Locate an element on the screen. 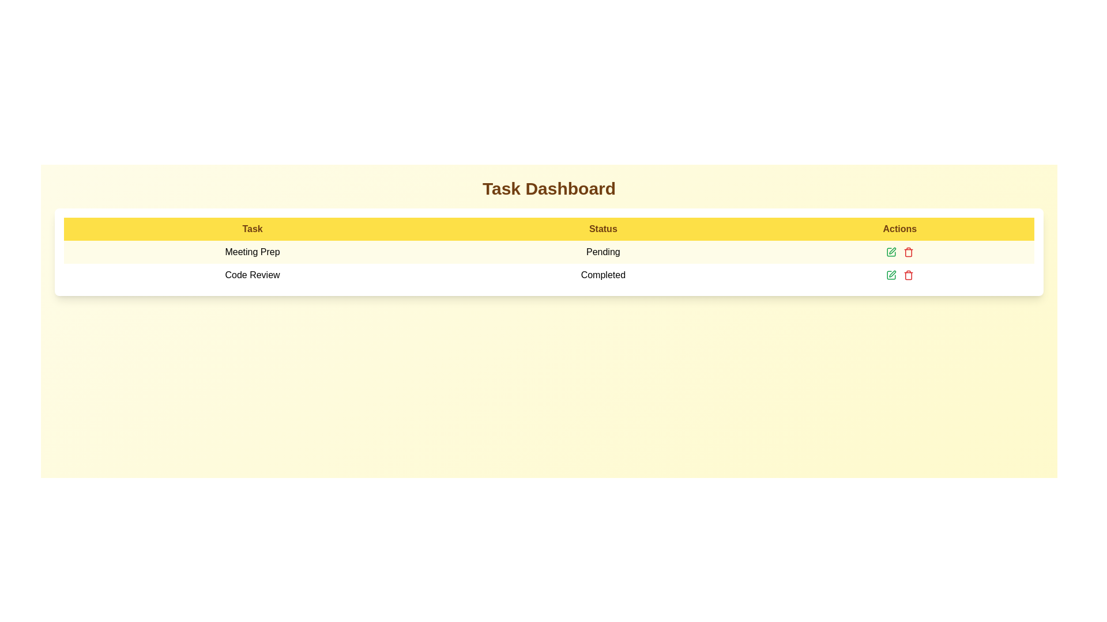  the bold text label reading 'Task' that is located on a yellow background in the top-left position of the header row is located at coordinates (251, 229).